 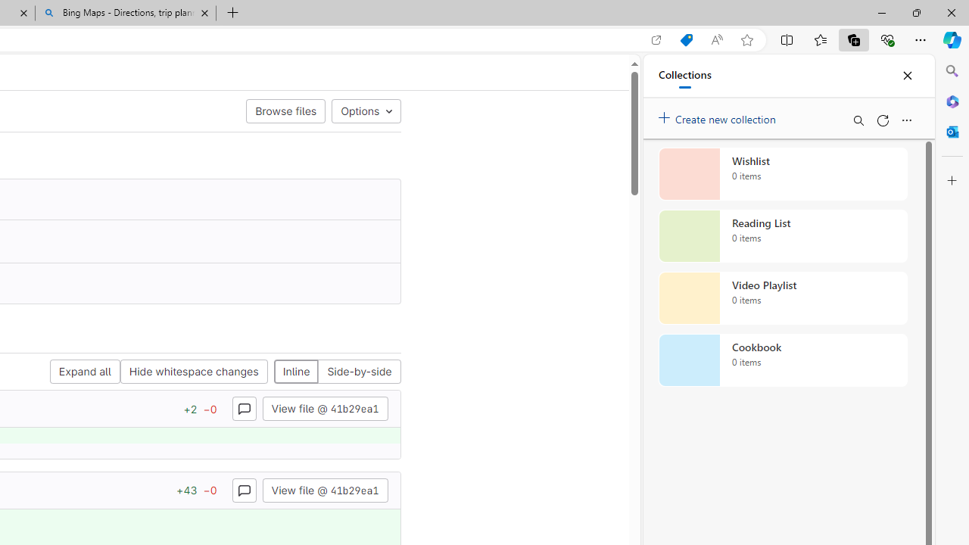 What do you see at coordinates (366, 110) in the screenshot?
I see `'Options'` at bounding box center [366, 110].